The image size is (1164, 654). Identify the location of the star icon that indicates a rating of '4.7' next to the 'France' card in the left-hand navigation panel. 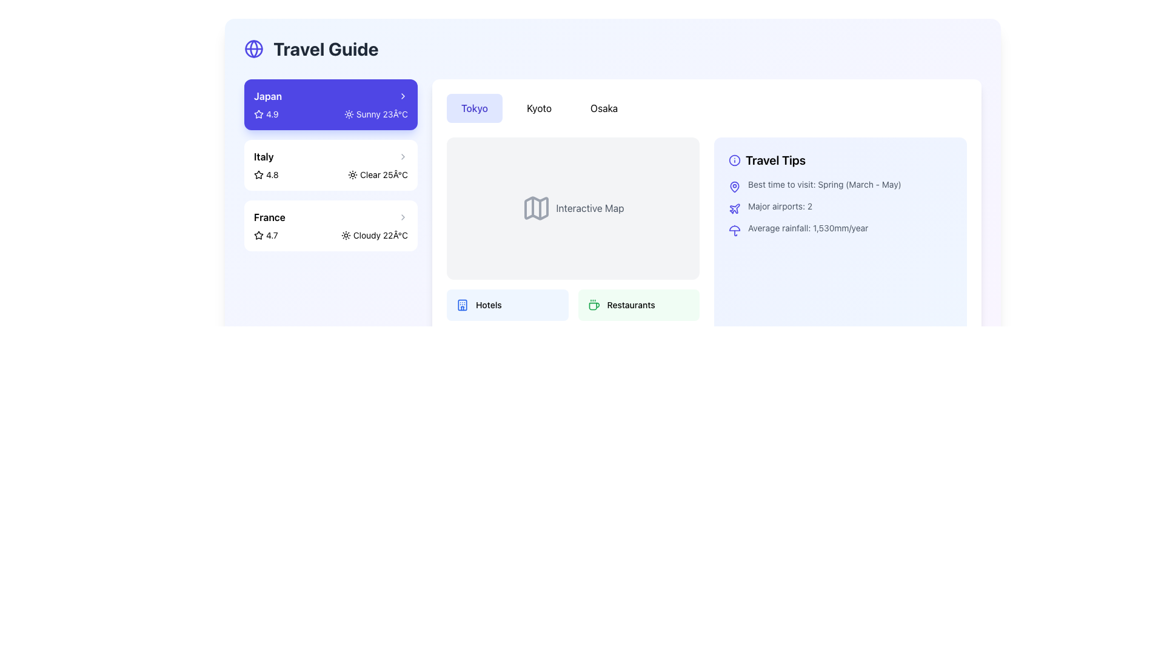
(258, 236).